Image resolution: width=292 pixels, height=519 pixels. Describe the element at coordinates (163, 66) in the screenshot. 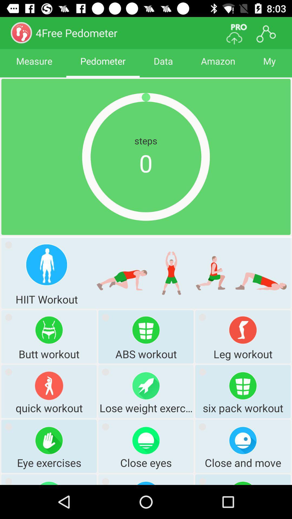

I see `data` at that location.